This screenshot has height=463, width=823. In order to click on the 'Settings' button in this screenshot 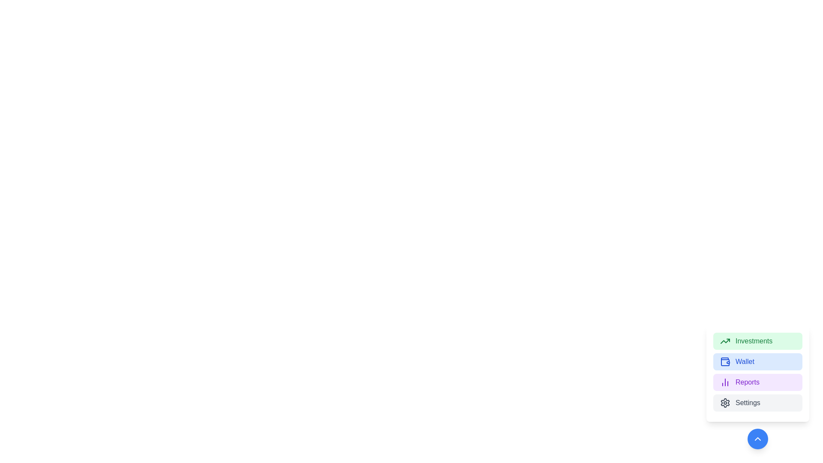, I will do `click(757, 403)`.